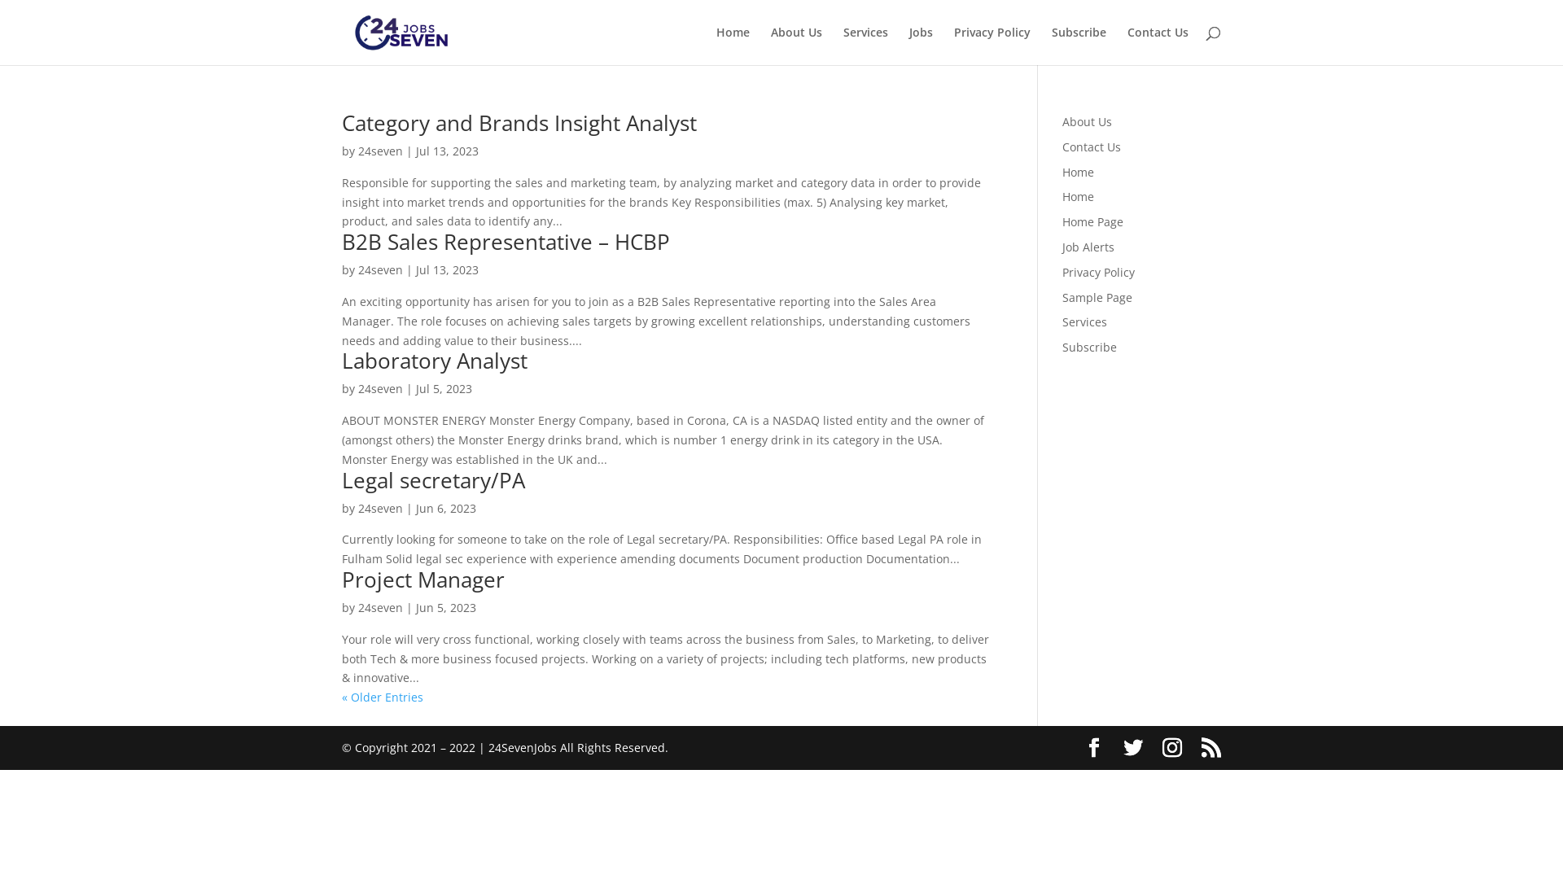 Image resolution: width=1563 pixels, height=879 pixels. Describe the element at coordinates (341, 479) in the screenshot. I see `'Legal secretary/PA'` at that location.